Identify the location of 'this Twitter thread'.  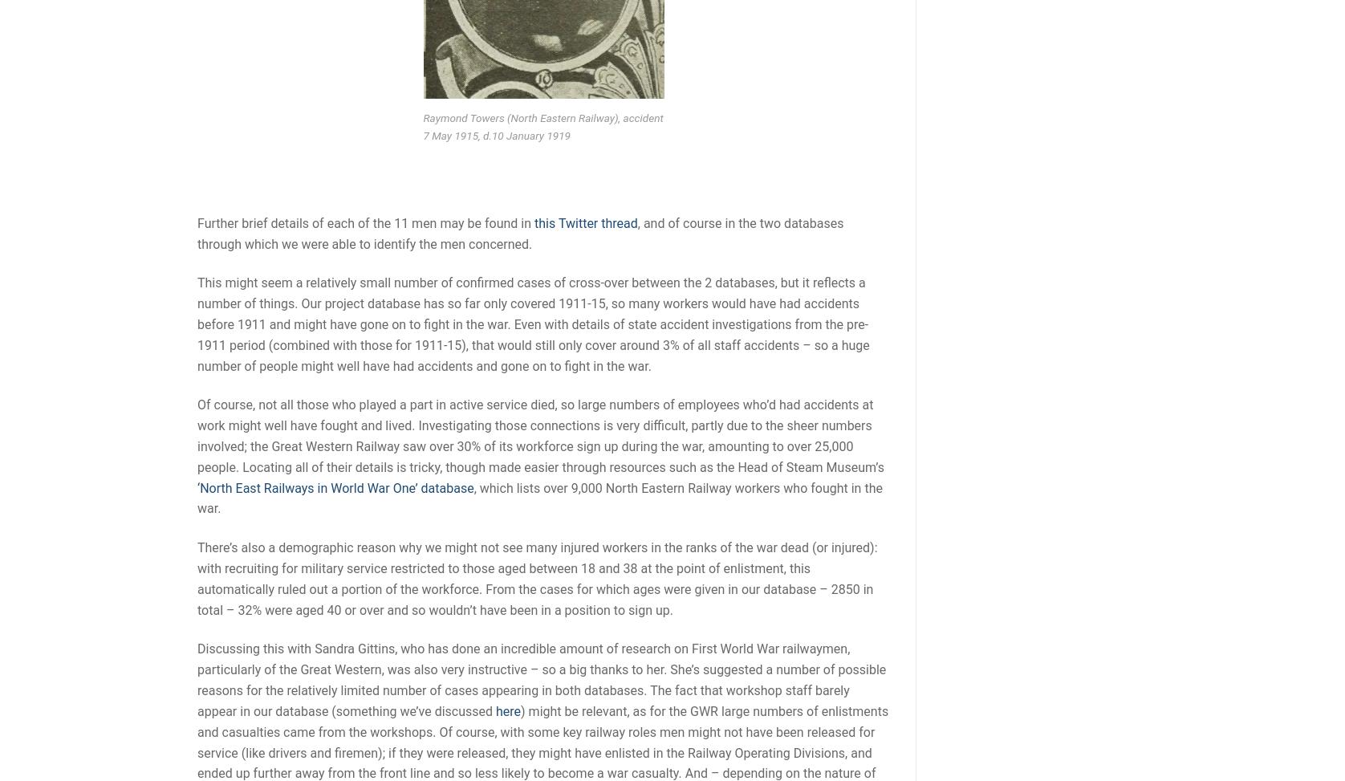
(585, 222).